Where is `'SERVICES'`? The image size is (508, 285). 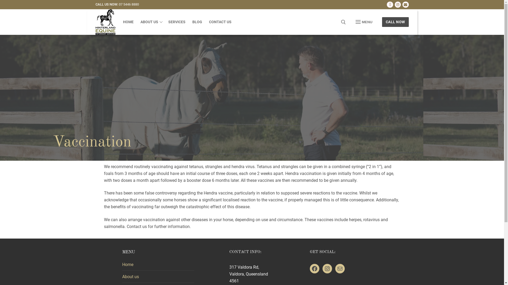 'SERVICES' is located at coordinates (176, 22).